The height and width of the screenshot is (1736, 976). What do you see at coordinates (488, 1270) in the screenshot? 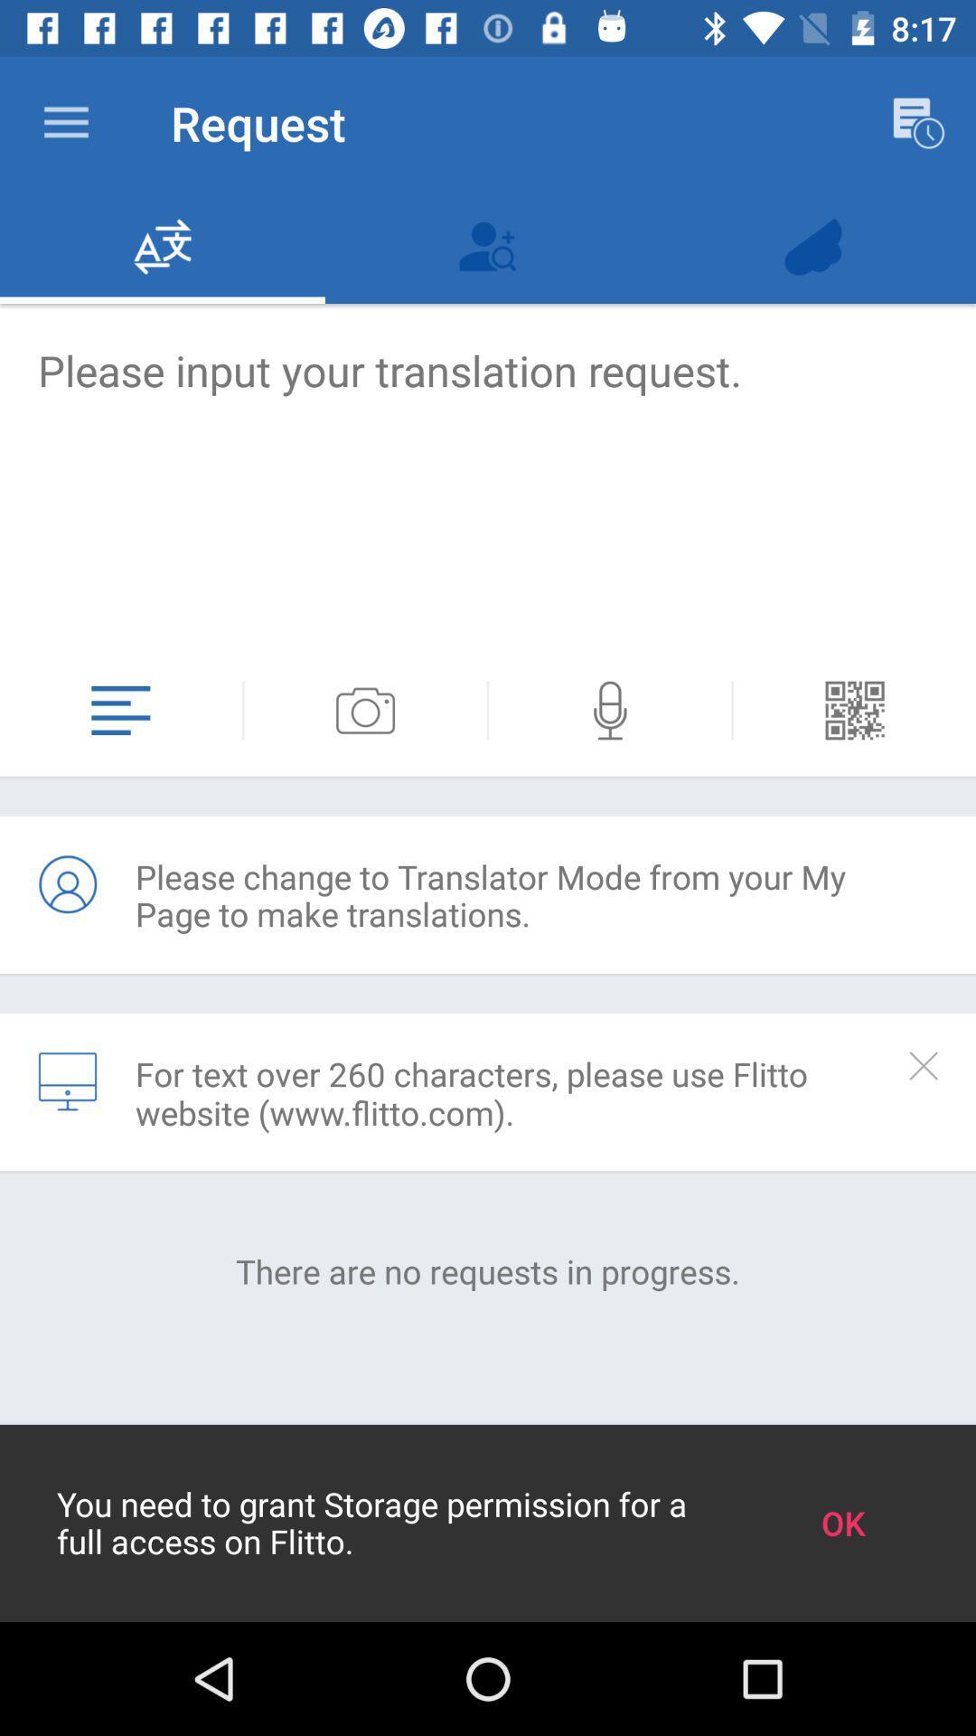
I see `there are no` at bounding box center [488, 1270].